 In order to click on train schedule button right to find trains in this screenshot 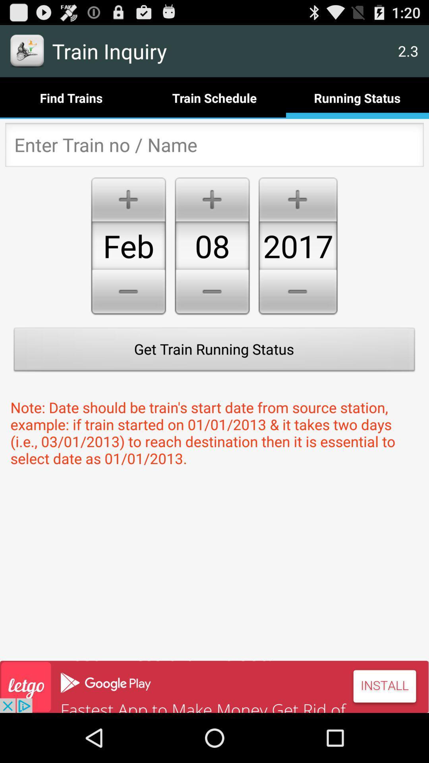, I will do `click(214, 97)`.